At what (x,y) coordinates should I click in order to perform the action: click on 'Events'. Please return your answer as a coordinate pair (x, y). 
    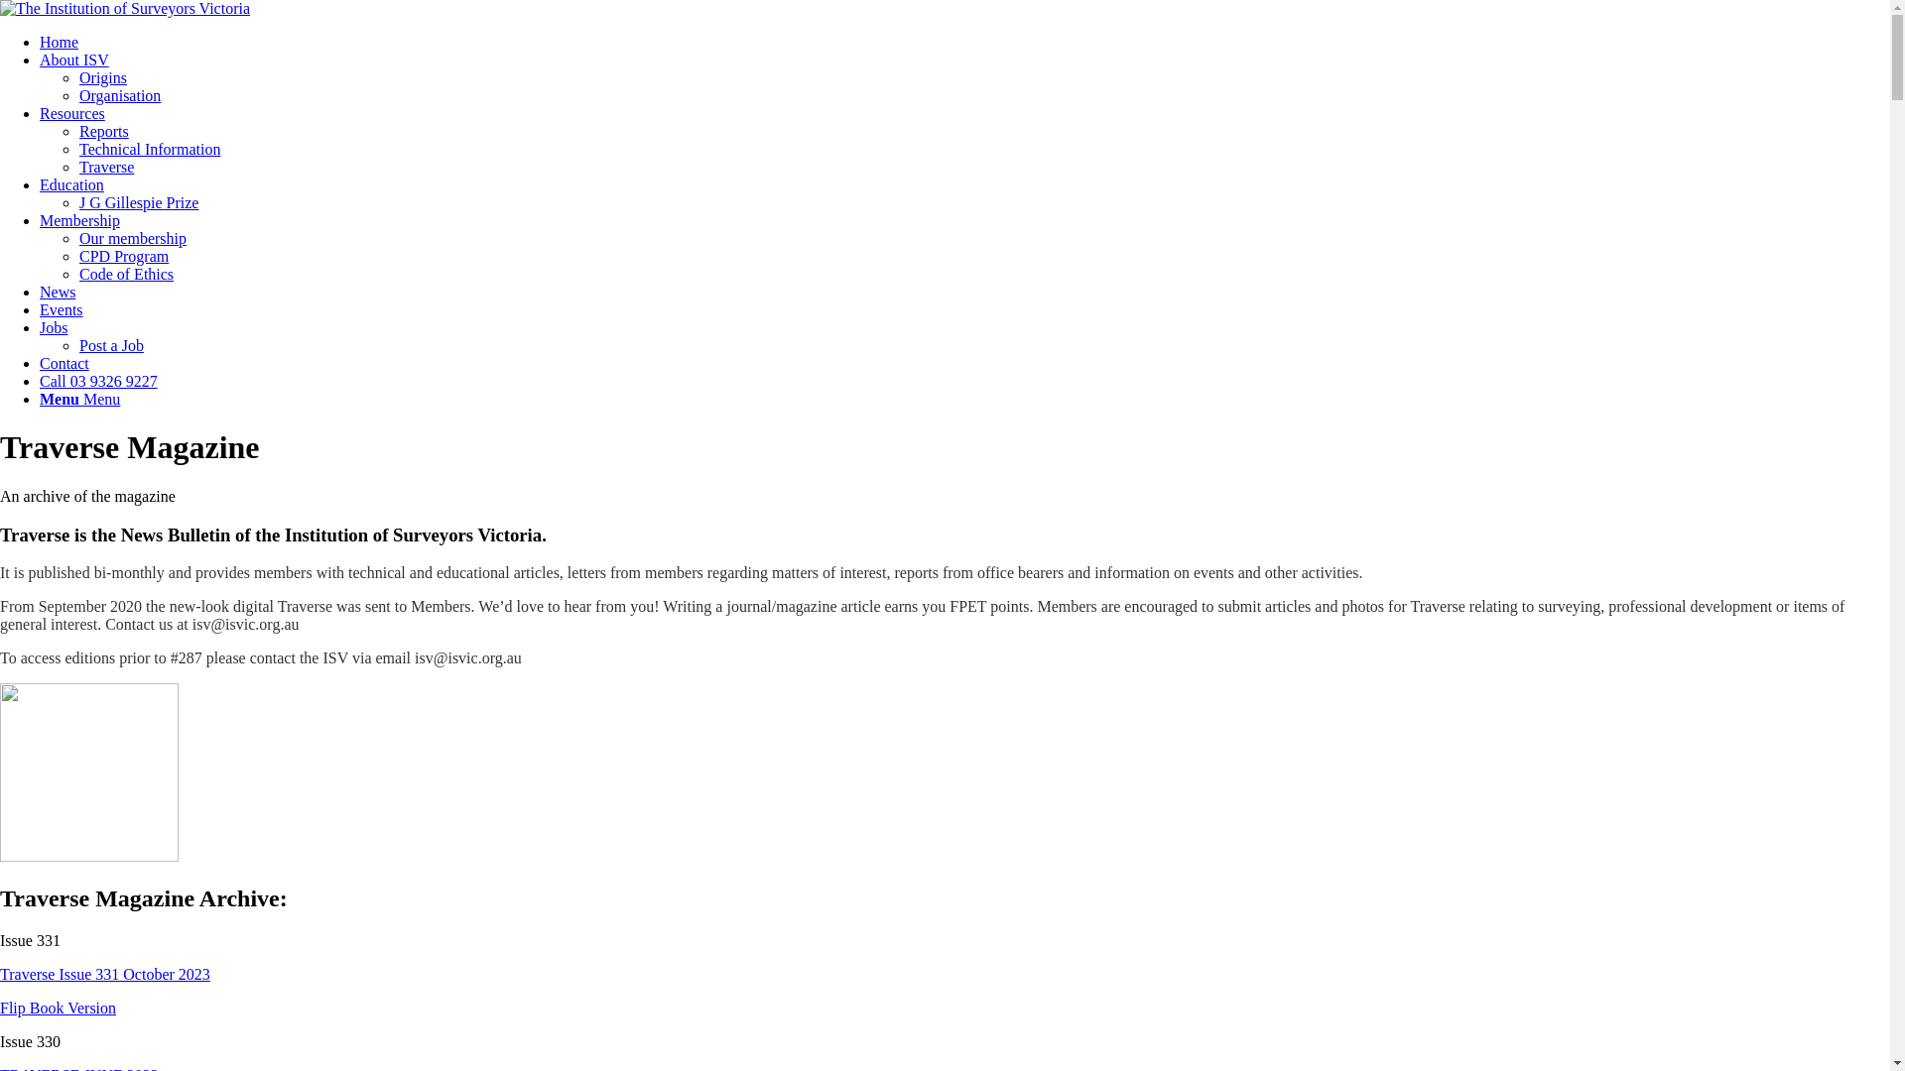
    Looking at the image, I should click on (62, 309).